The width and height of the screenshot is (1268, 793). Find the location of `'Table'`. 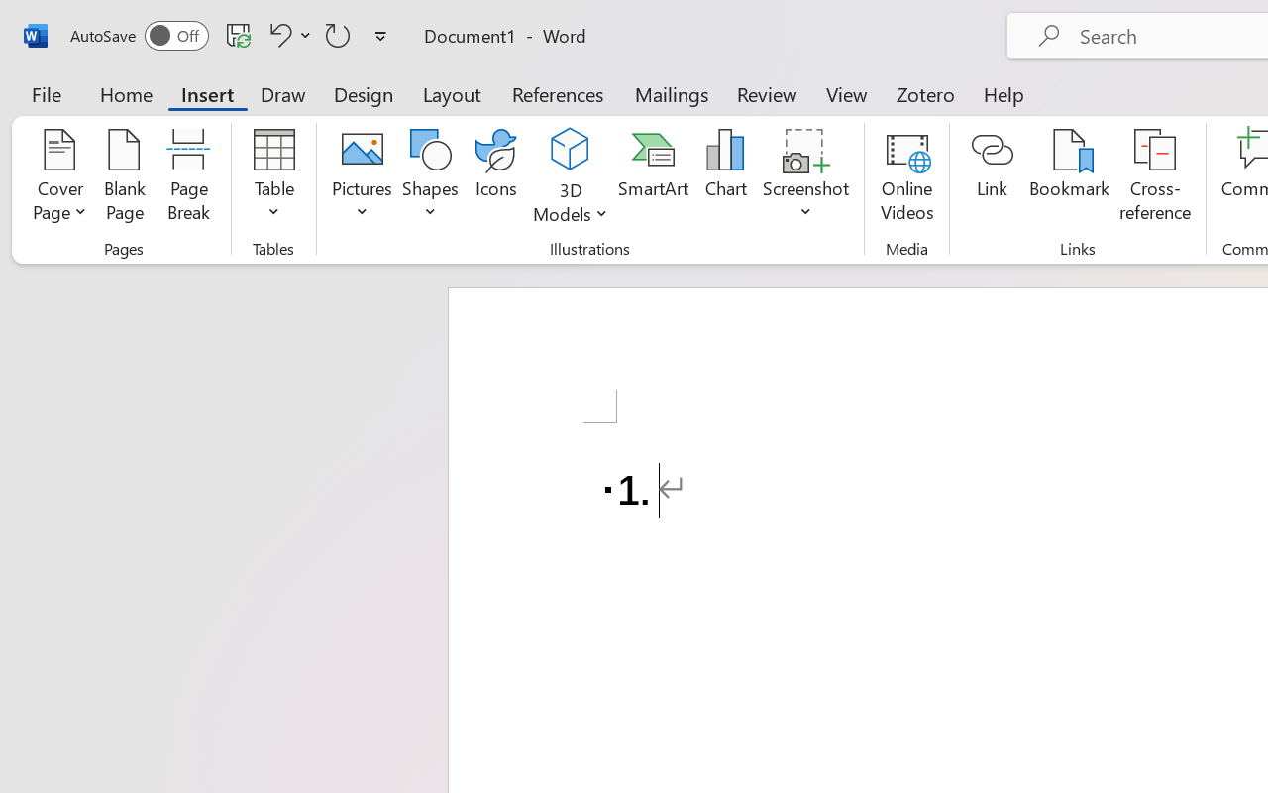

'Table' is located at coordinates (273, 177).